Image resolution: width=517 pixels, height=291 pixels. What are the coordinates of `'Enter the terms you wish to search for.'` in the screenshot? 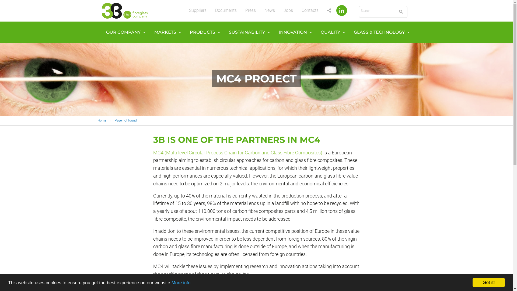 It's located at (377, 11).